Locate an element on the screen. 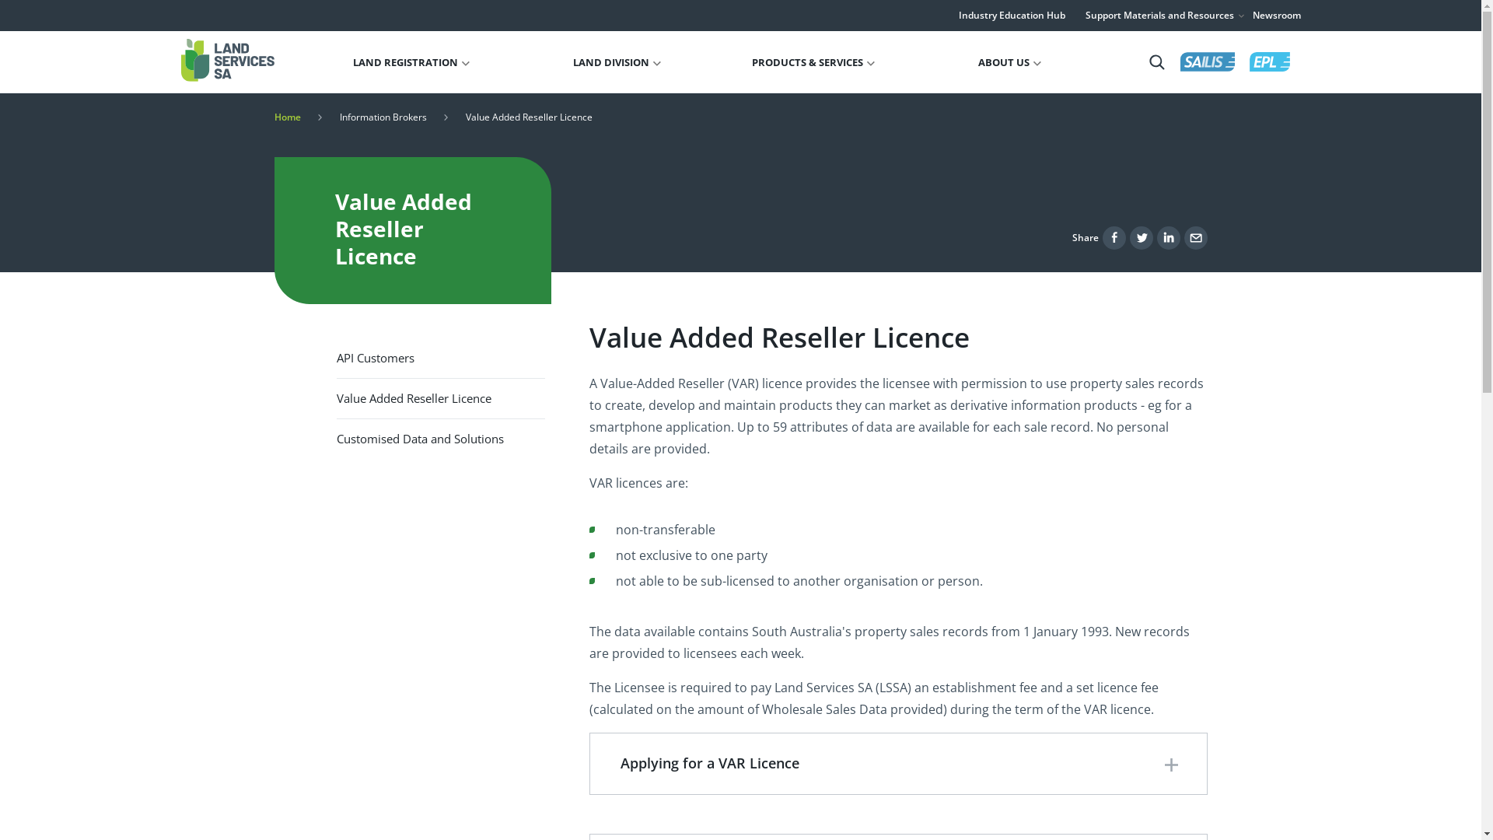 The image size is (1493, 840). 'LAND DIVISION' is located at coordinates (616, 61).